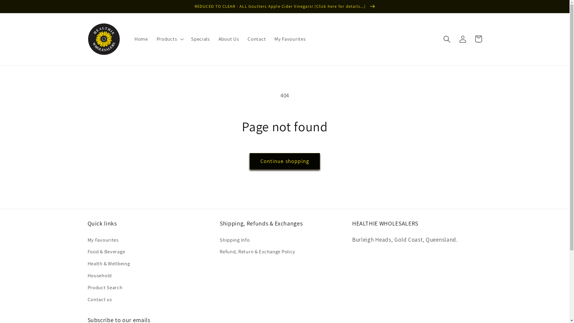 The width and height of the screenshot is (574, 323). I want to click on 'Contact', so click(257, 39).